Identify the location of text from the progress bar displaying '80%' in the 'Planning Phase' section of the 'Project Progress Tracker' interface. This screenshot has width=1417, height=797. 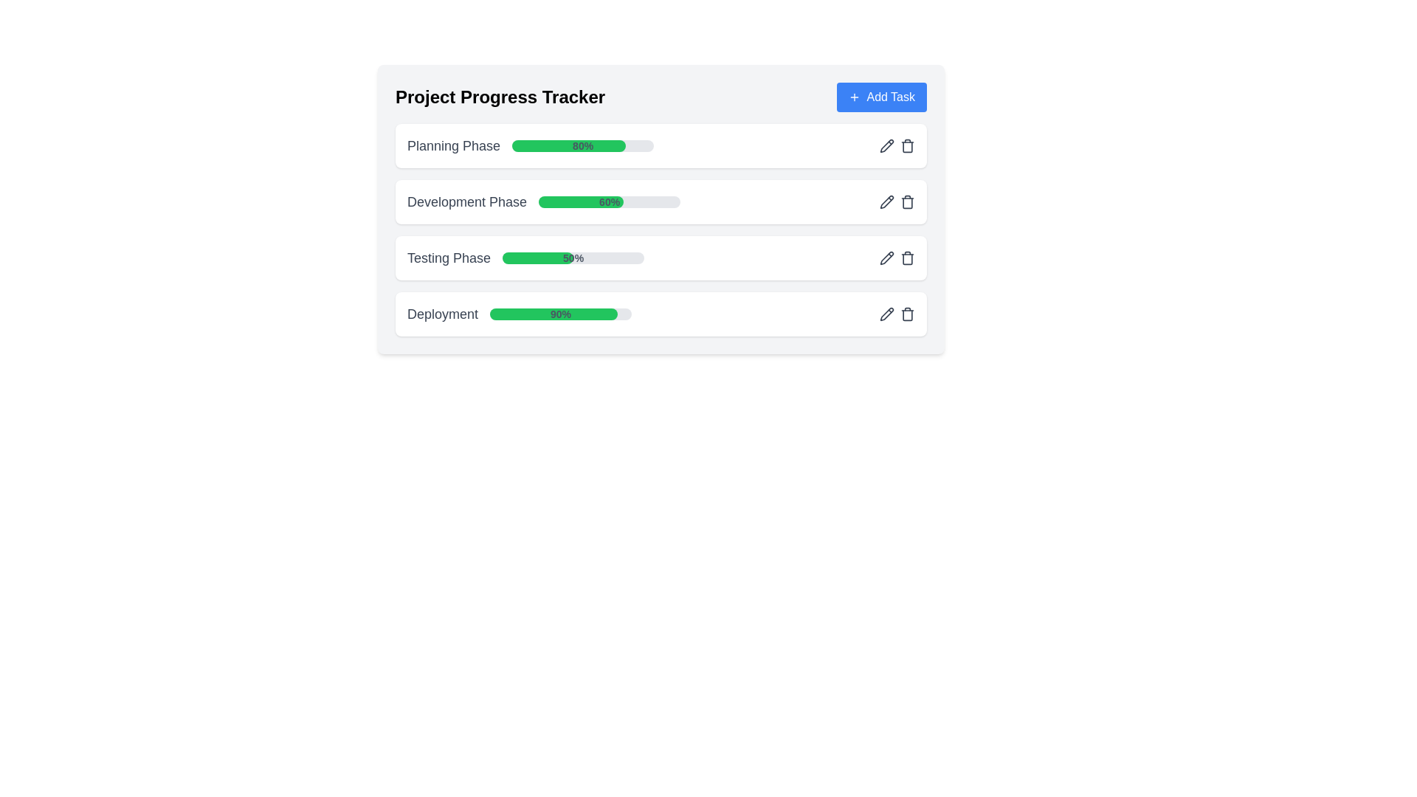
(582, 145).